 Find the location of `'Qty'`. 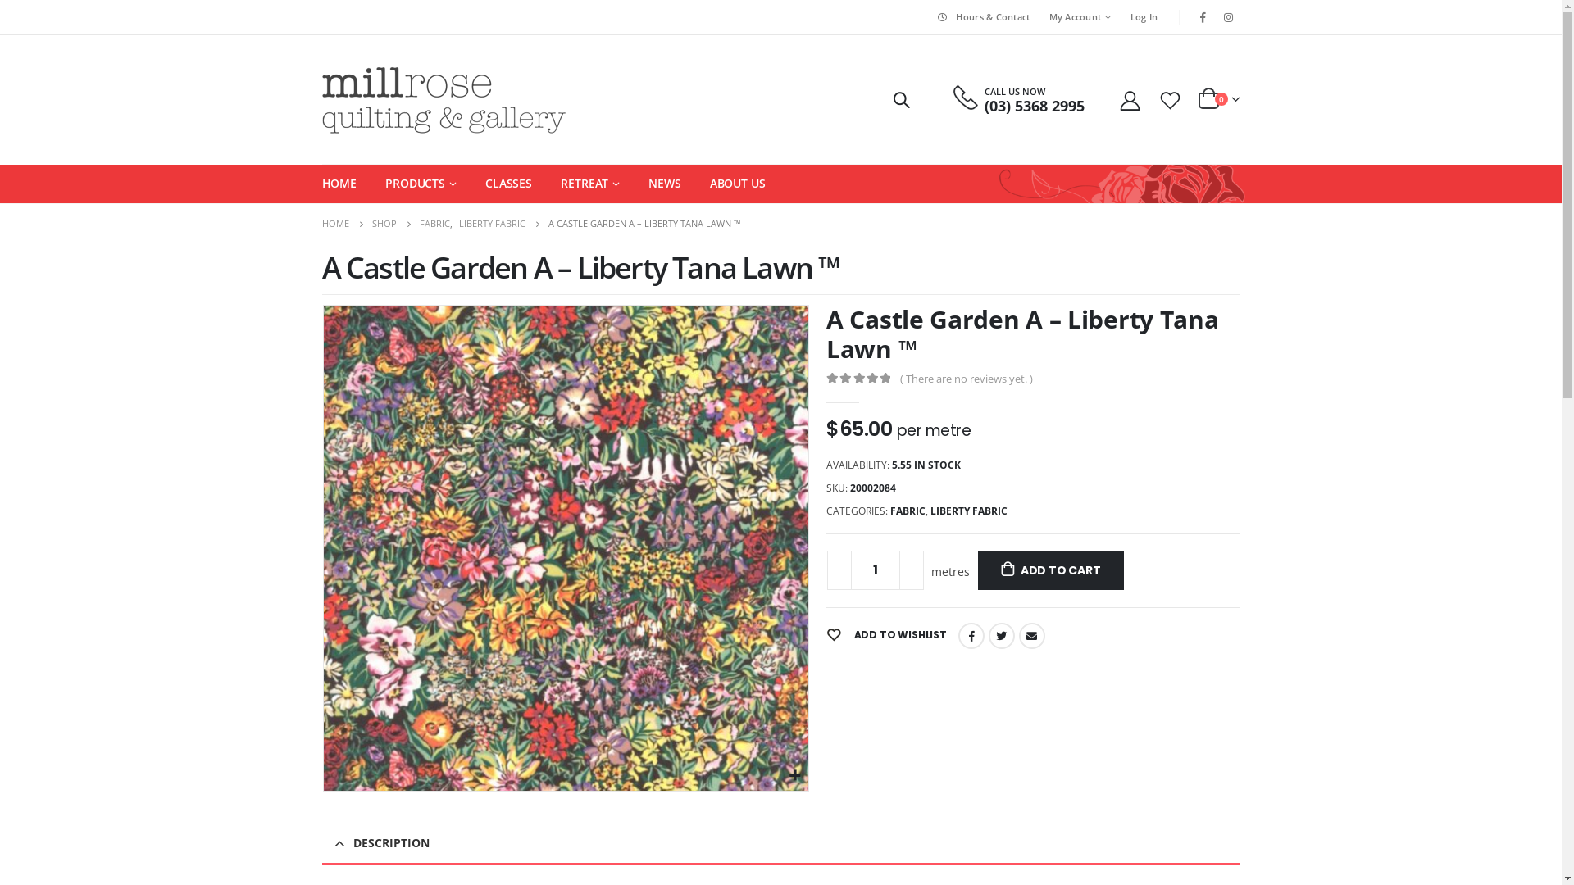

'Qty' is located at coordinates (875, 569).